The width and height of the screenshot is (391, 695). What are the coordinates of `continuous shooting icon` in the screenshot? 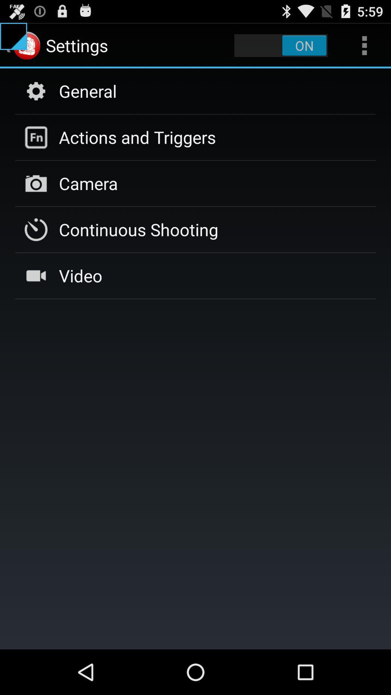 It's located at (138, 229).